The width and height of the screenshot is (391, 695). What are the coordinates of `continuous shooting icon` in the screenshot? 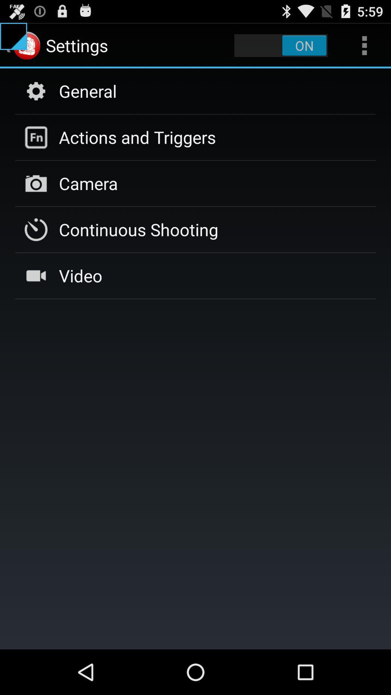 It's located at (138, 229).